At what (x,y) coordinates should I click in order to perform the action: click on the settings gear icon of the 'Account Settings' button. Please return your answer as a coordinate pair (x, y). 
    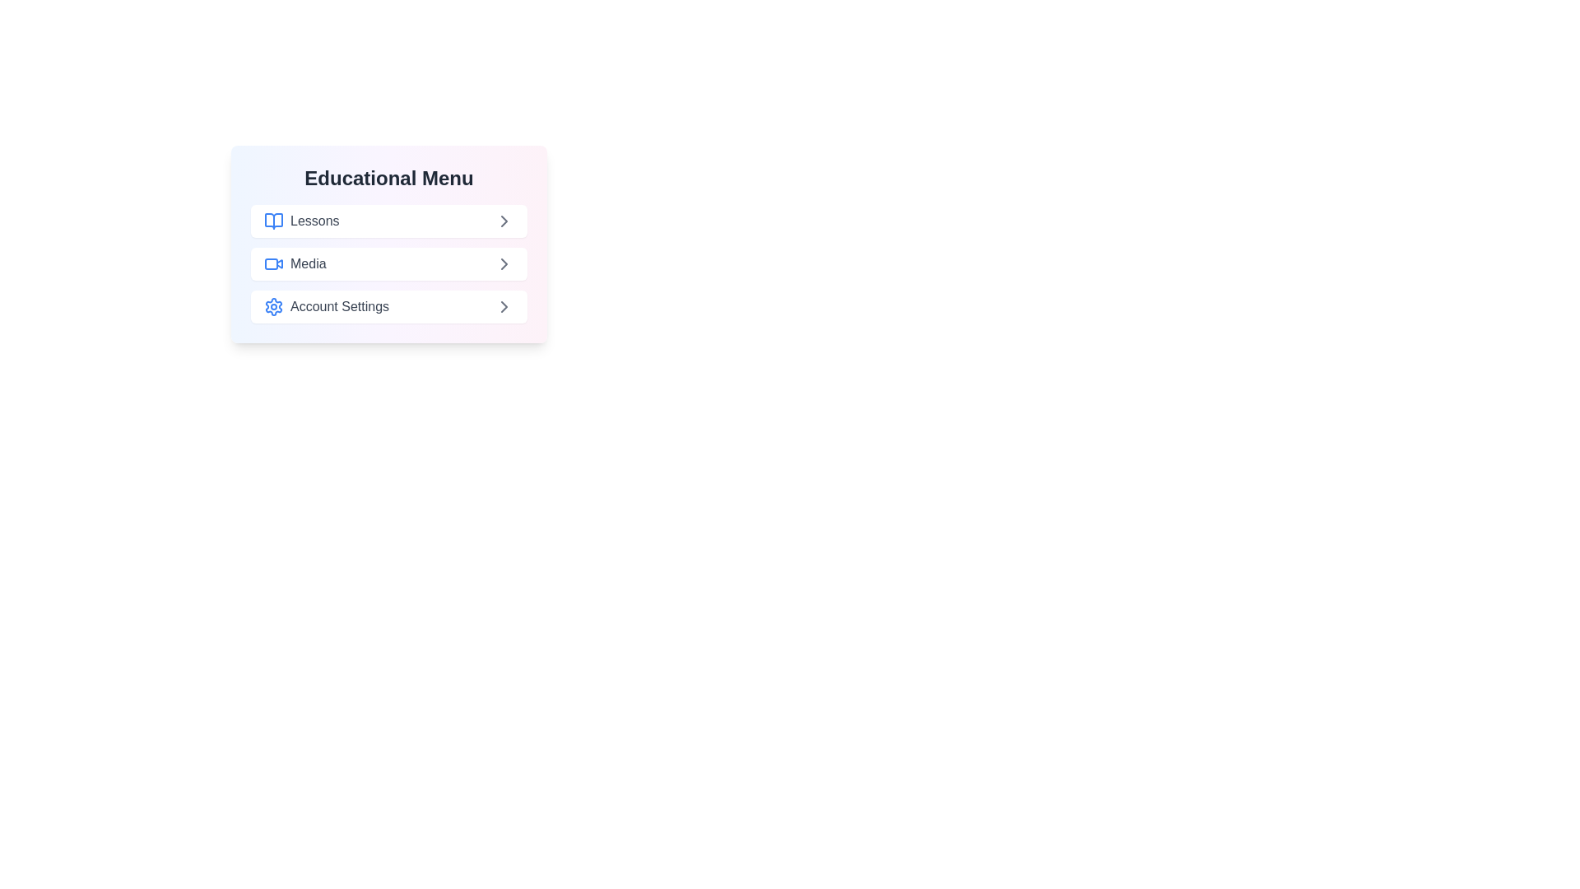
    Looking at the image, I should click on (327, 307).